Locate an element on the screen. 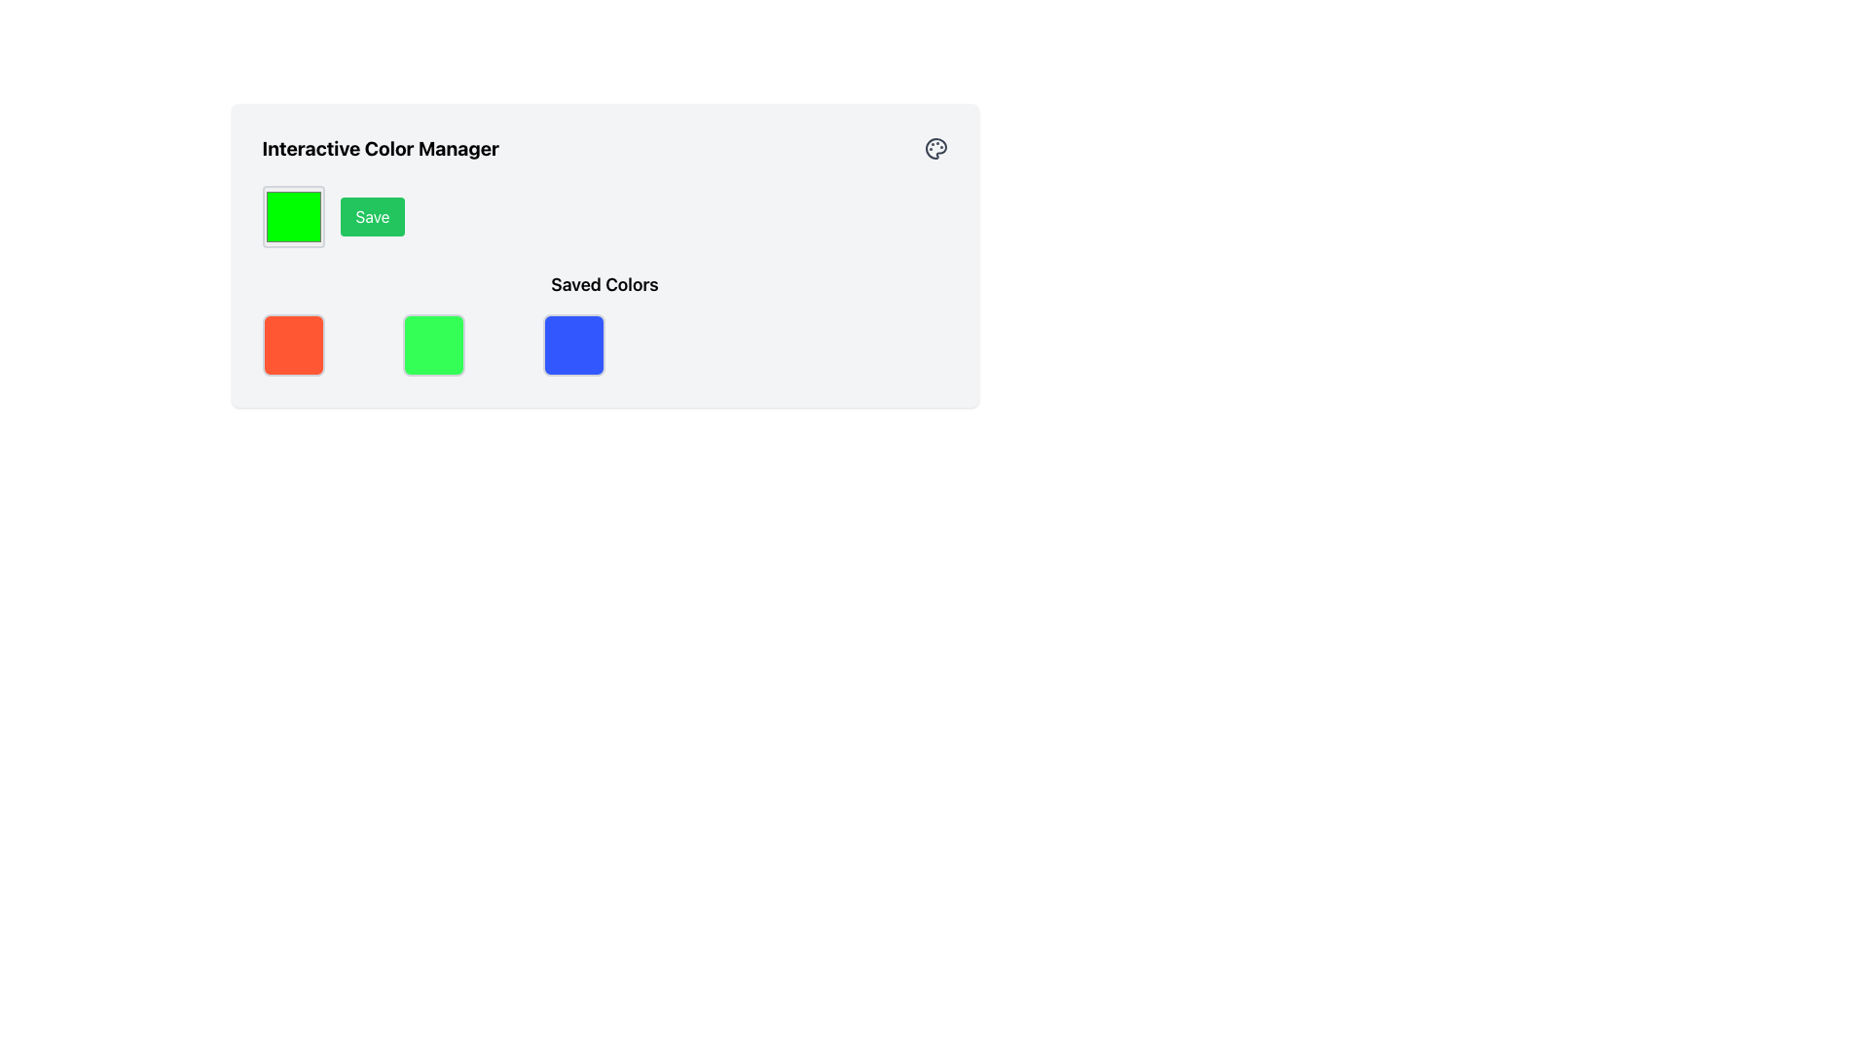 This screenshot has height=1051, width=1869. the color palette icon located at the top-right corner of the 'Interactive Color Manager' section, which serves as a visual aid for color selection is located at coordinates (935, 148).